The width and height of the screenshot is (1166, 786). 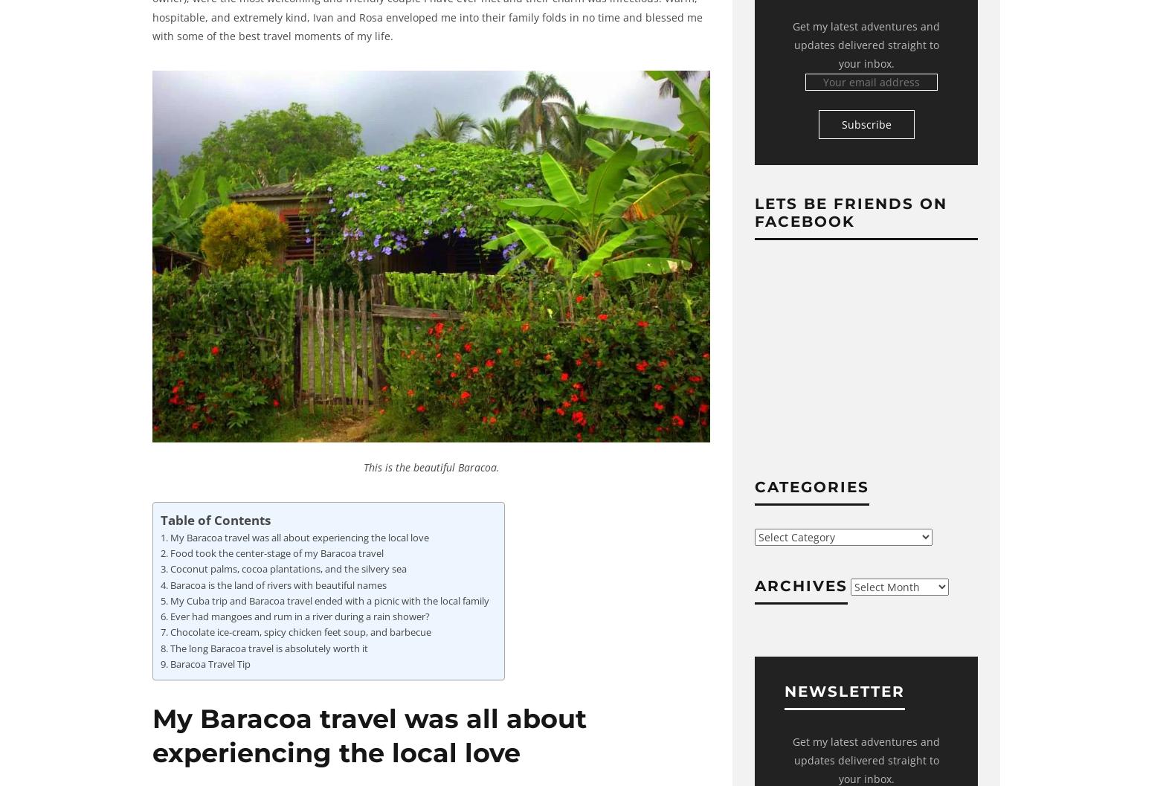 I want to click on 'The long Baracoa travel is absolutely worth it', so click(x=268, y=649).